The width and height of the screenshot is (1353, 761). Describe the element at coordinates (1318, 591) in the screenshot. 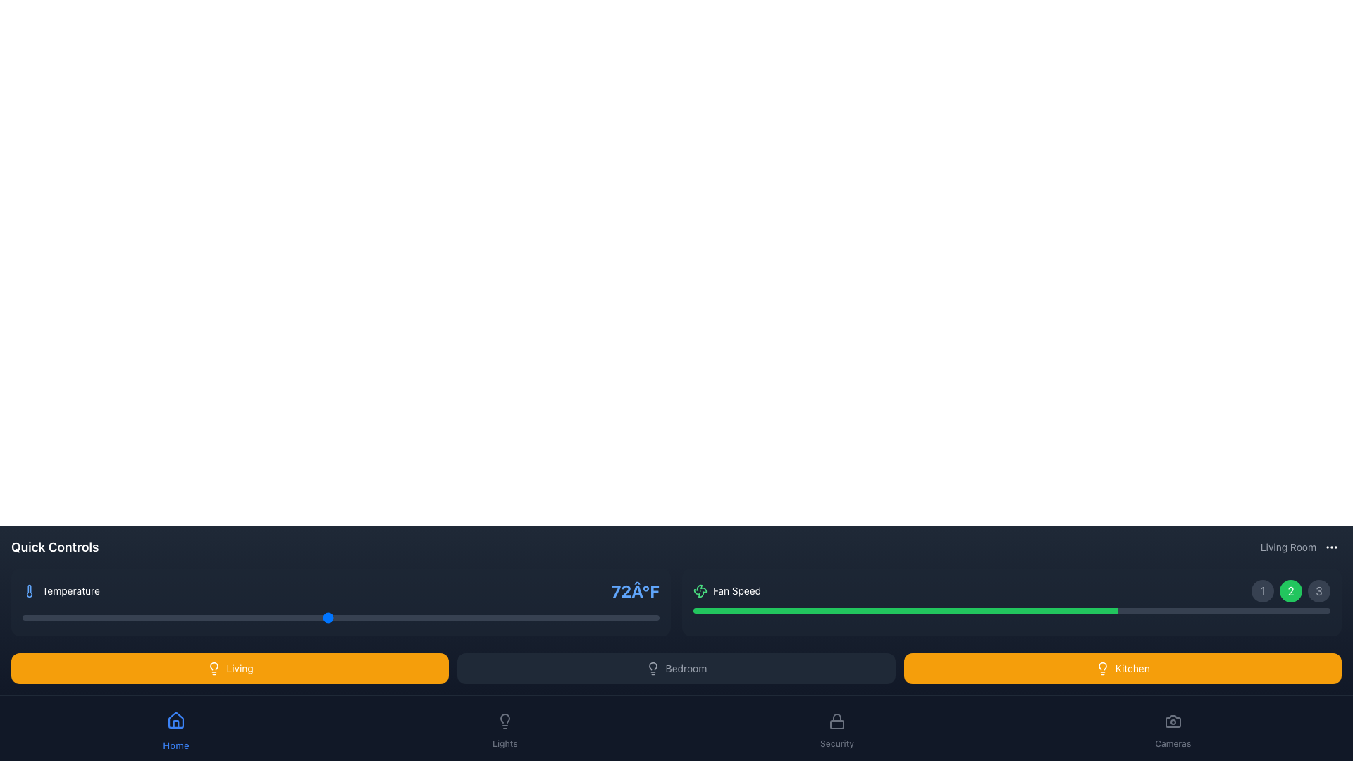

I see `the interactive button for number '3' located in the top-right section of the interface, which is the rightmost button in a horizontal sequence of three circular buttons` at that location.